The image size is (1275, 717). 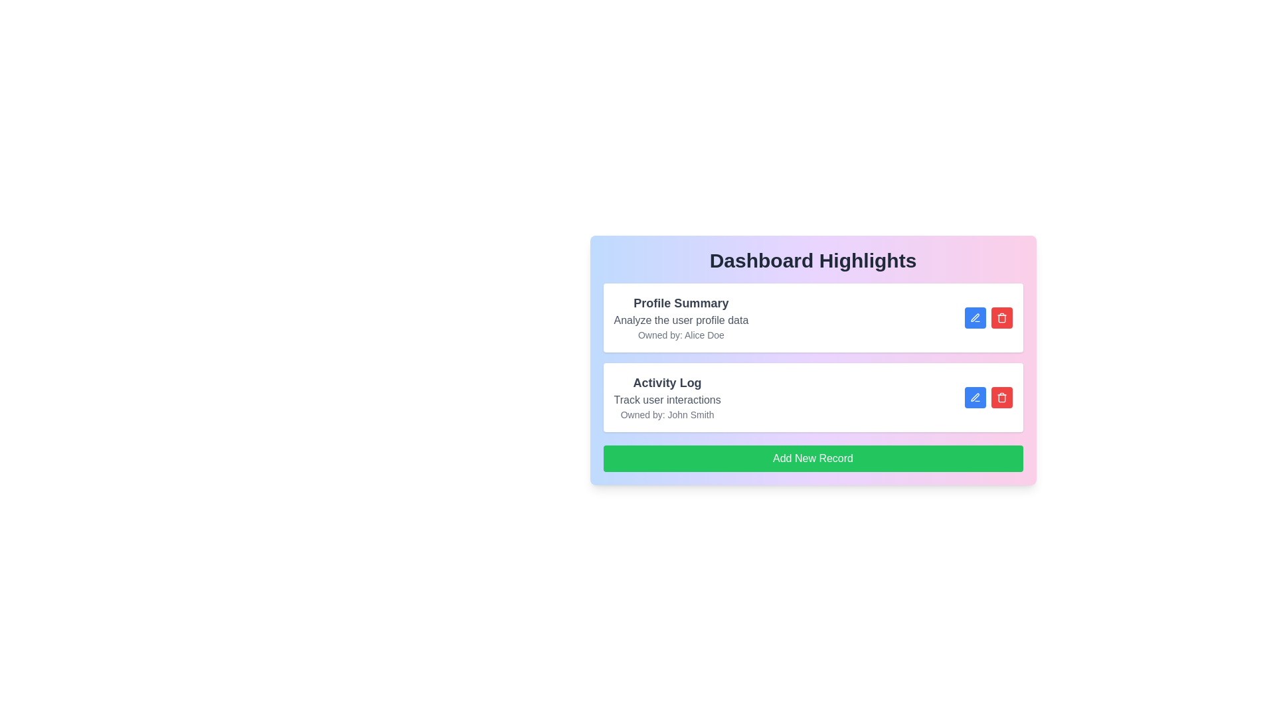 What do you see at coordinates (1001, 317) in the screenshot?
I see `the red trash can icon located inside a circular button in the 'Activity Log' row of the 'Dashboard Highlights' section` at bounding box center [1001, 317].